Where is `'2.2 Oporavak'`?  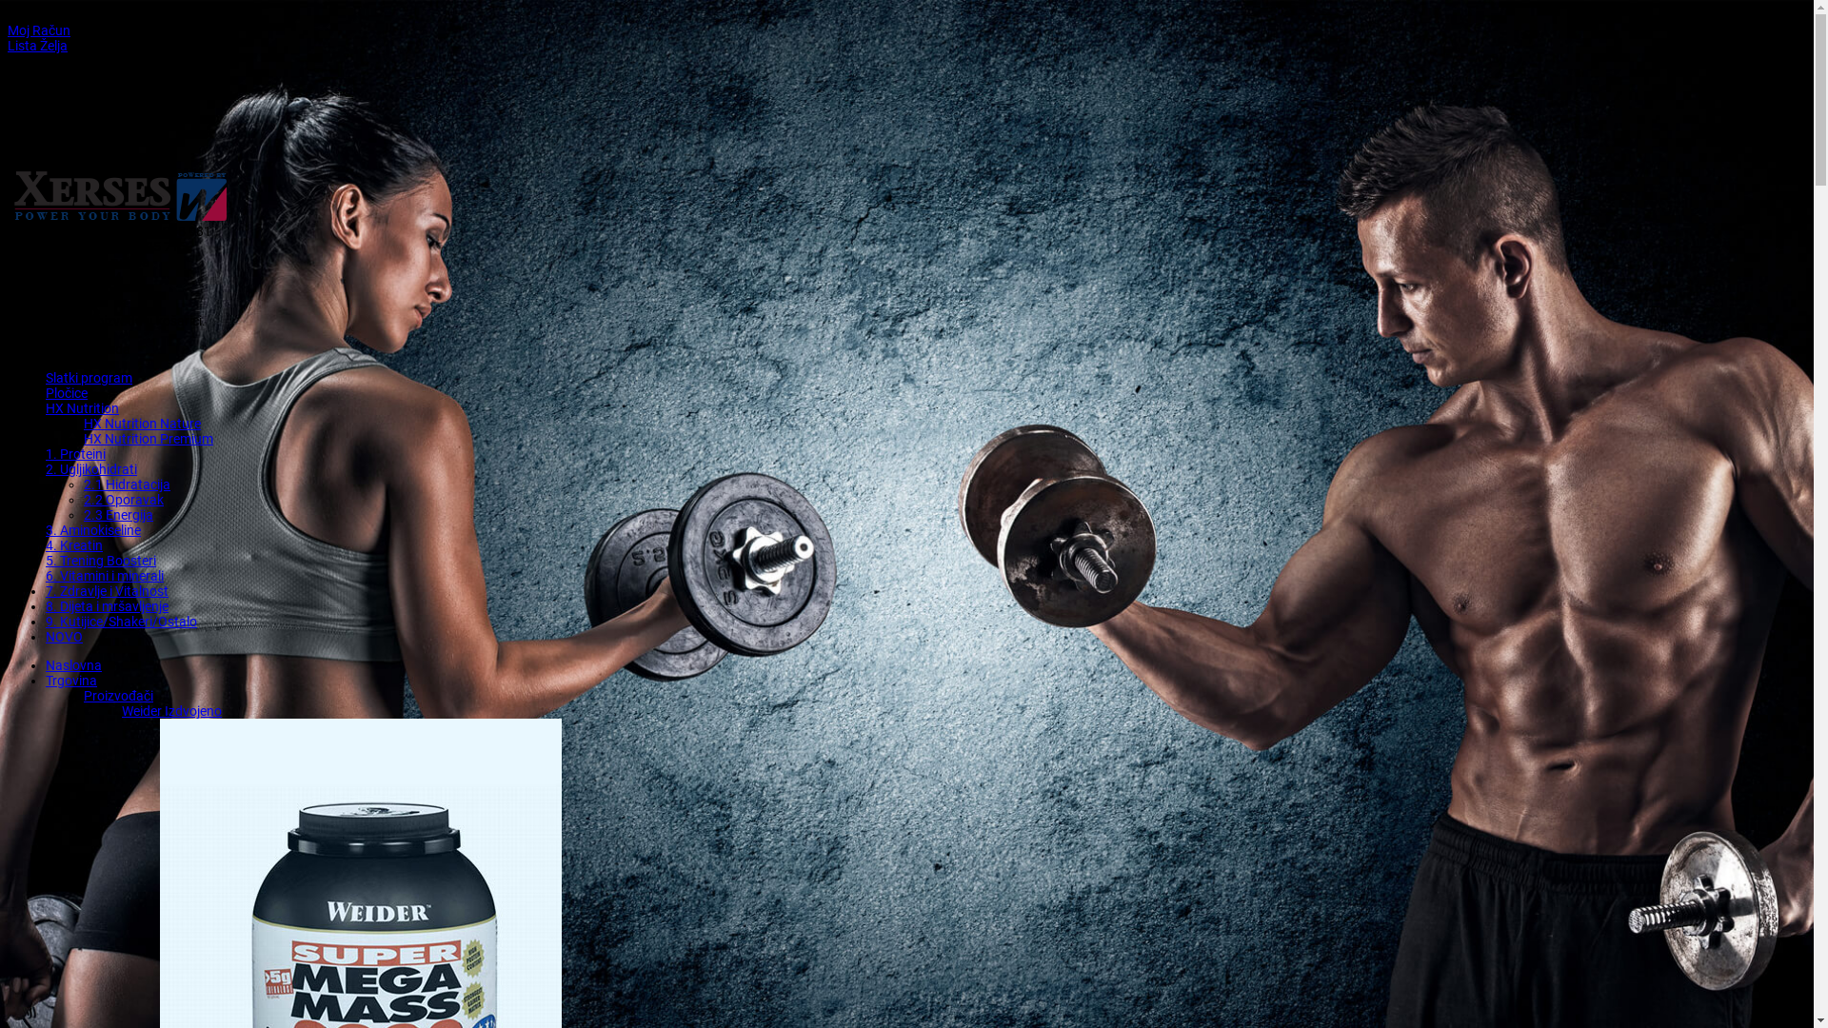
'2.2 Oporavak' is located at coordinates (82, 498).